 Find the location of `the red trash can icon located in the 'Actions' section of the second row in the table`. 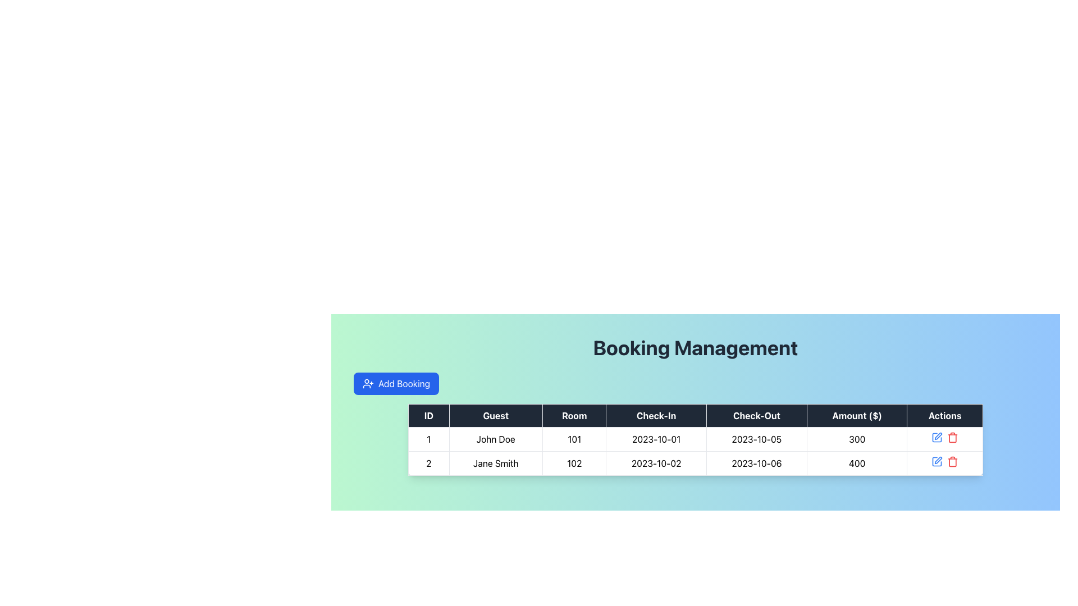

the red trash can icon located in the 'Actions' section of the second row in the table is located at coordinates (952, 461).